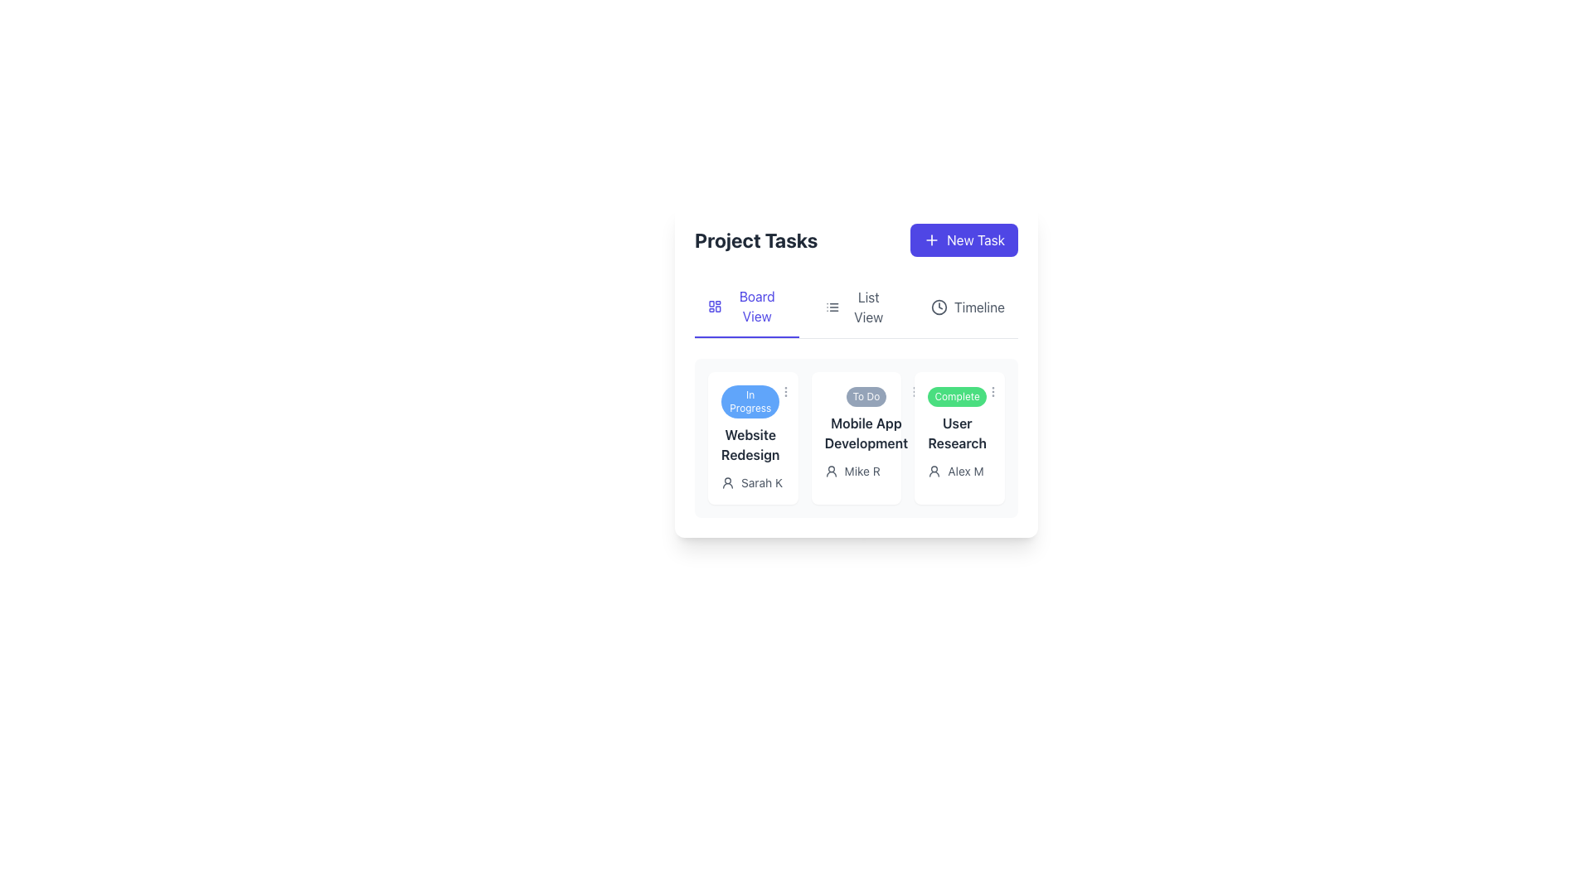 The image size is (1592, 895). Describe the element at coordinates (831, 472) in the screenshot. I see `the user icon represented as a circular outline with a head and shoulders, located to the left of the text 'Mike R'` at that location.